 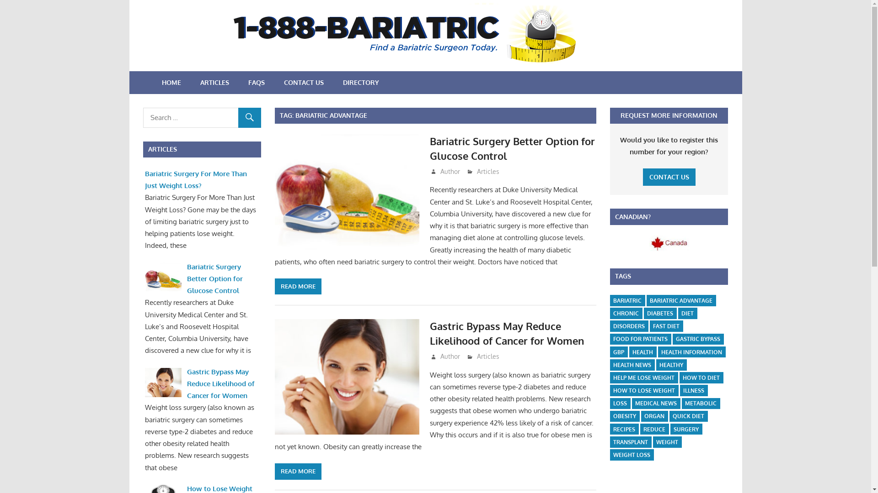 I want to click on 'HOW TO DIET', so click(x=701, y=378).